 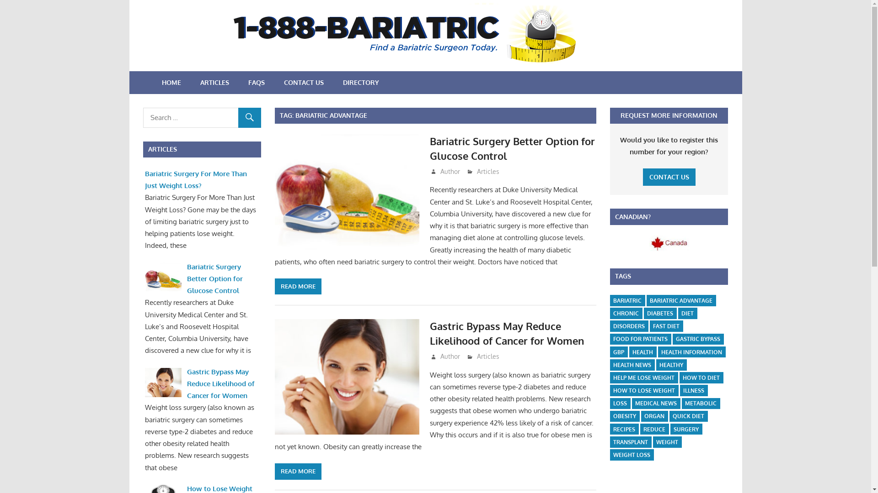 I want to click on 'HOW TO DIET', so click(x=701, y=378).